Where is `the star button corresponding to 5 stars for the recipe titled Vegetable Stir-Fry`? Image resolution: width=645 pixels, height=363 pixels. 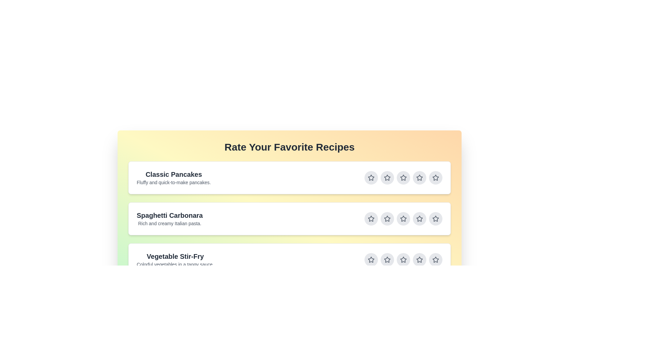
the star button corresponding to 5 stars for the recipe titled Vegetable Stir-Fry is located at coordinates (435, 259).